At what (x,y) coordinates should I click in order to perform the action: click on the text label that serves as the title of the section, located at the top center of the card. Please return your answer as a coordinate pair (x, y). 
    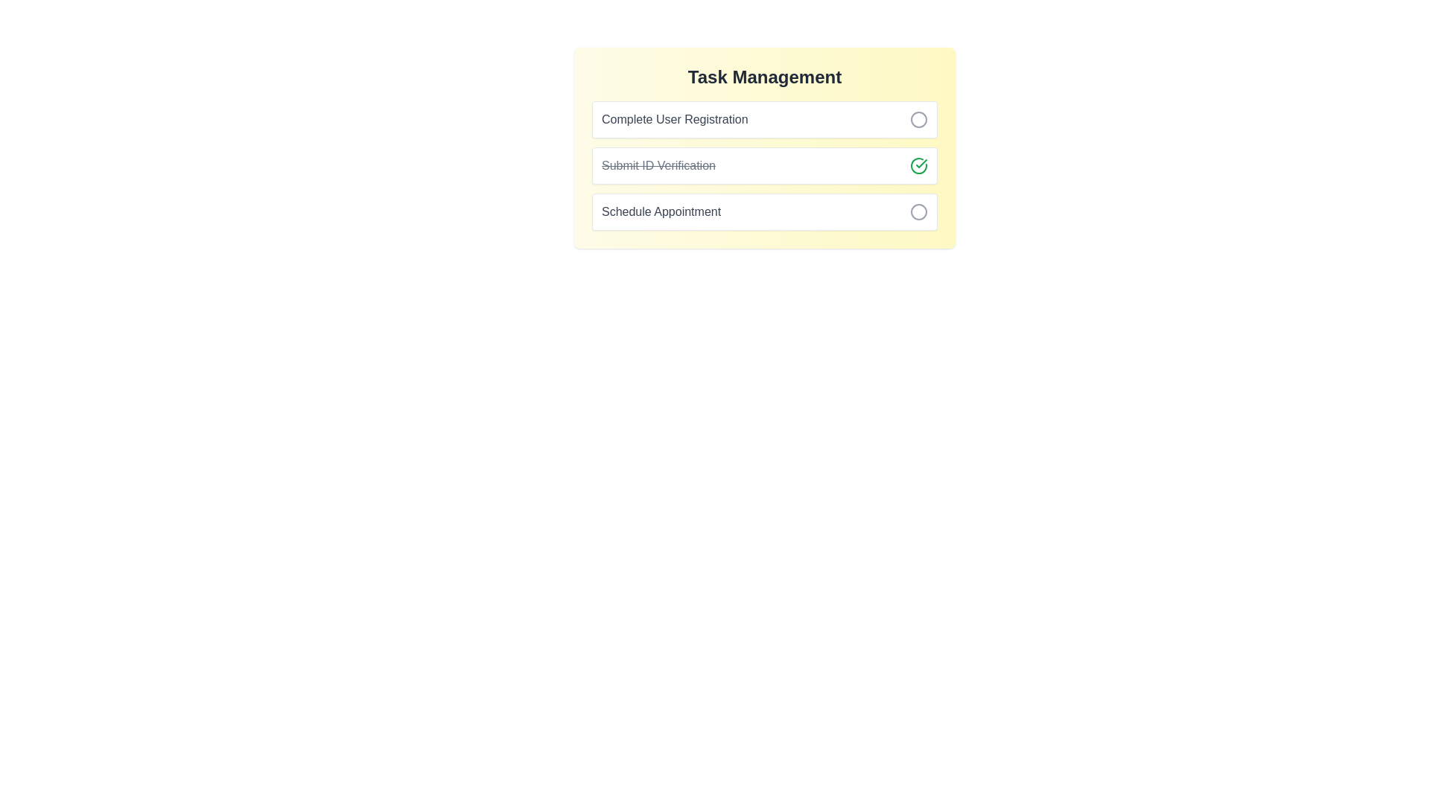
    Looking at the image, I should click on (765, 77).